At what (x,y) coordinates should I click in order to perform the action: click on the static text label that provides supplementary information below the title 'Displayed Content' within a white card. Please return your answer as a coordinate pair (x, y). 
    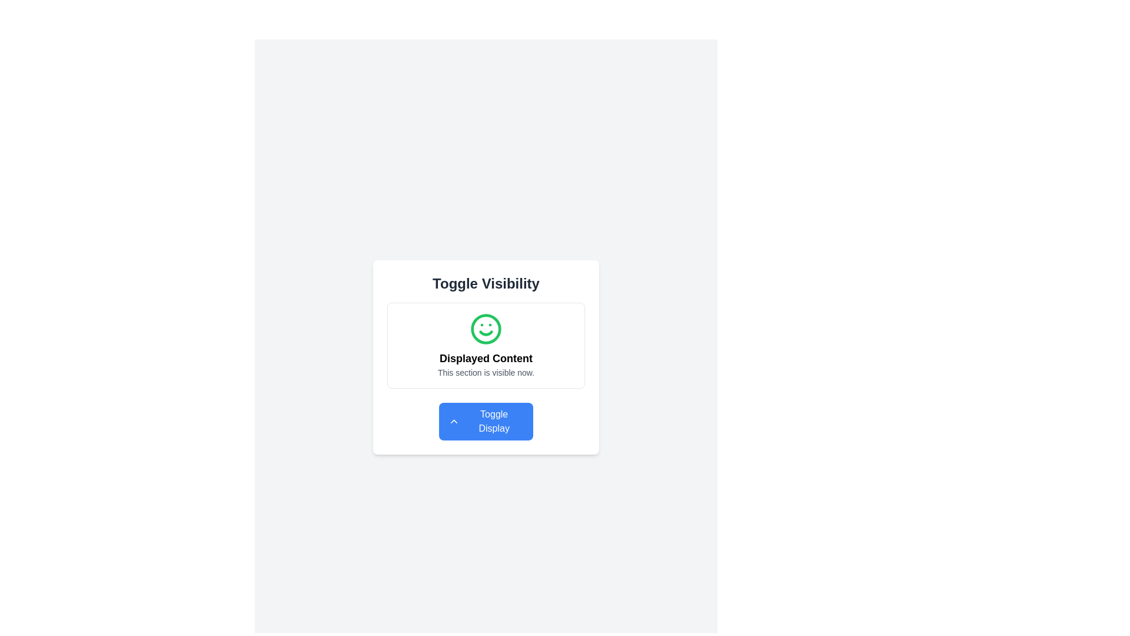
    Looking at the image, I should click on (486, 372).